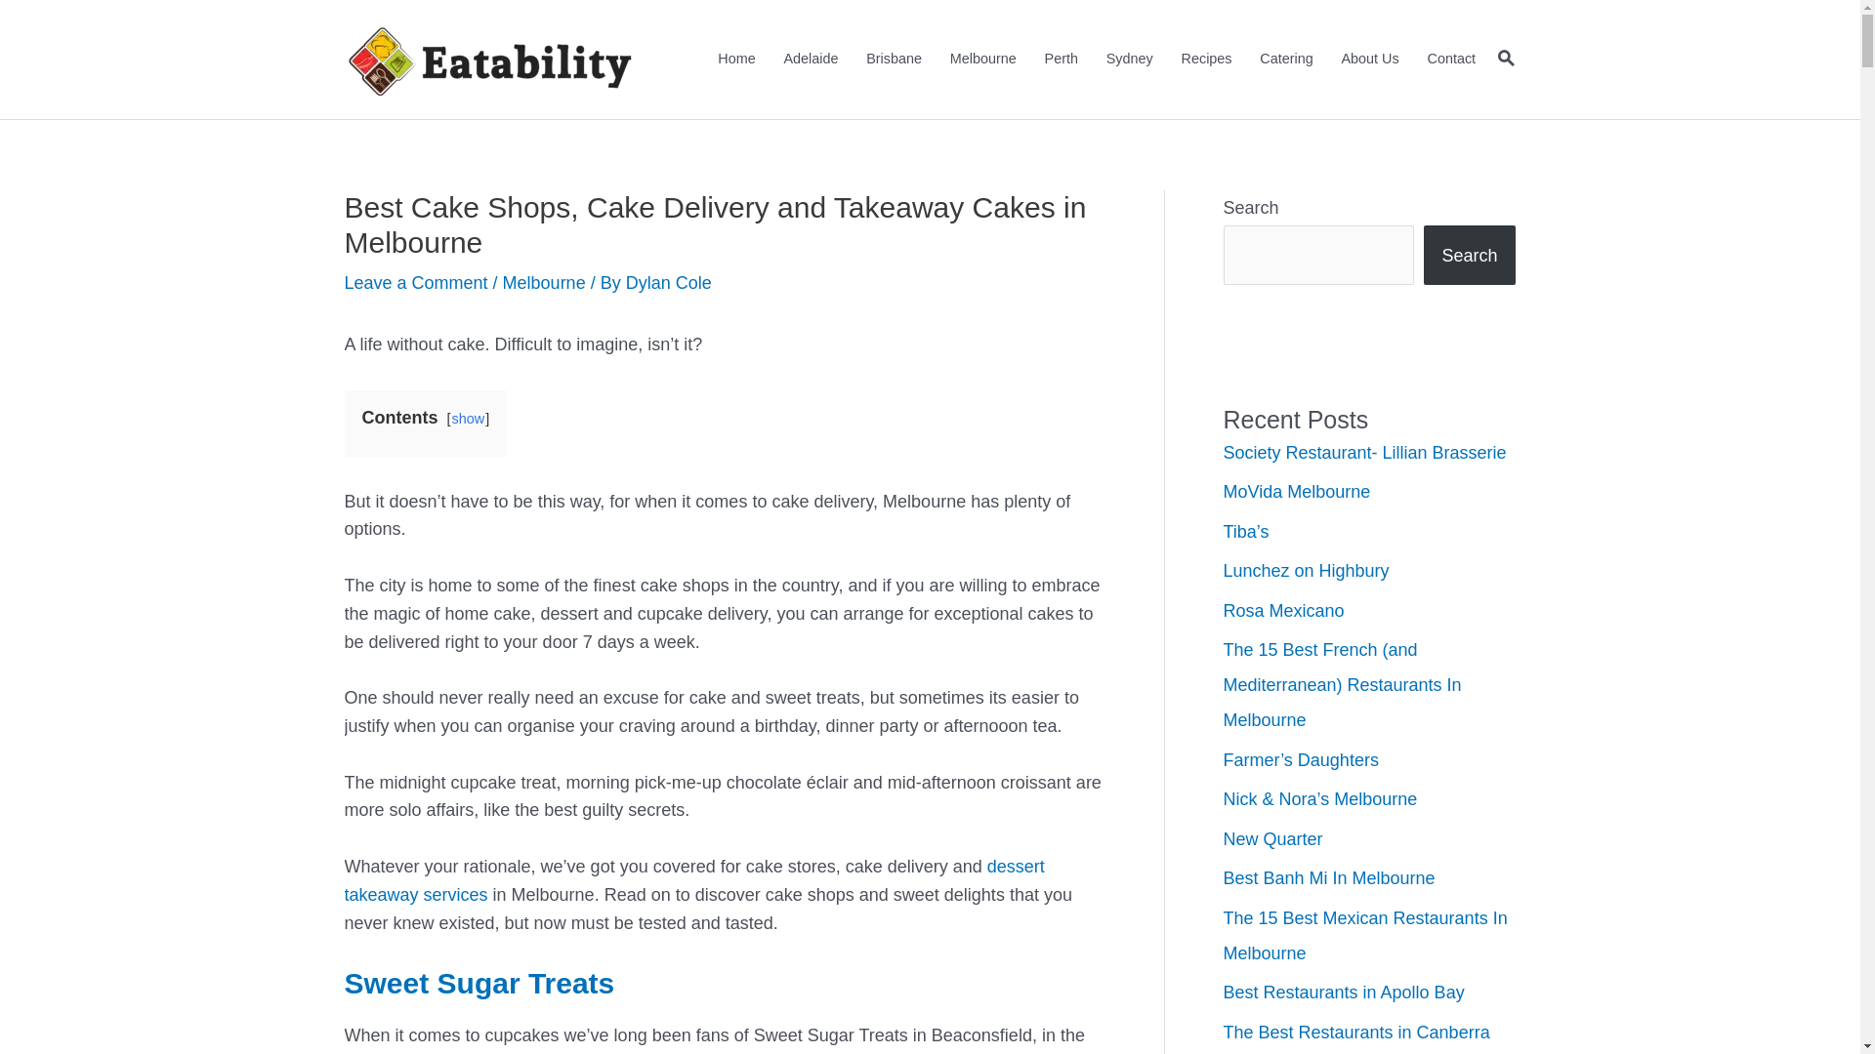 The width and height of the screenshot is (1875, 1054). Describe the element at coordinates (1328, 876) in the screenshot. I see `'Best Banh Mi In Melbourne'` at that location.